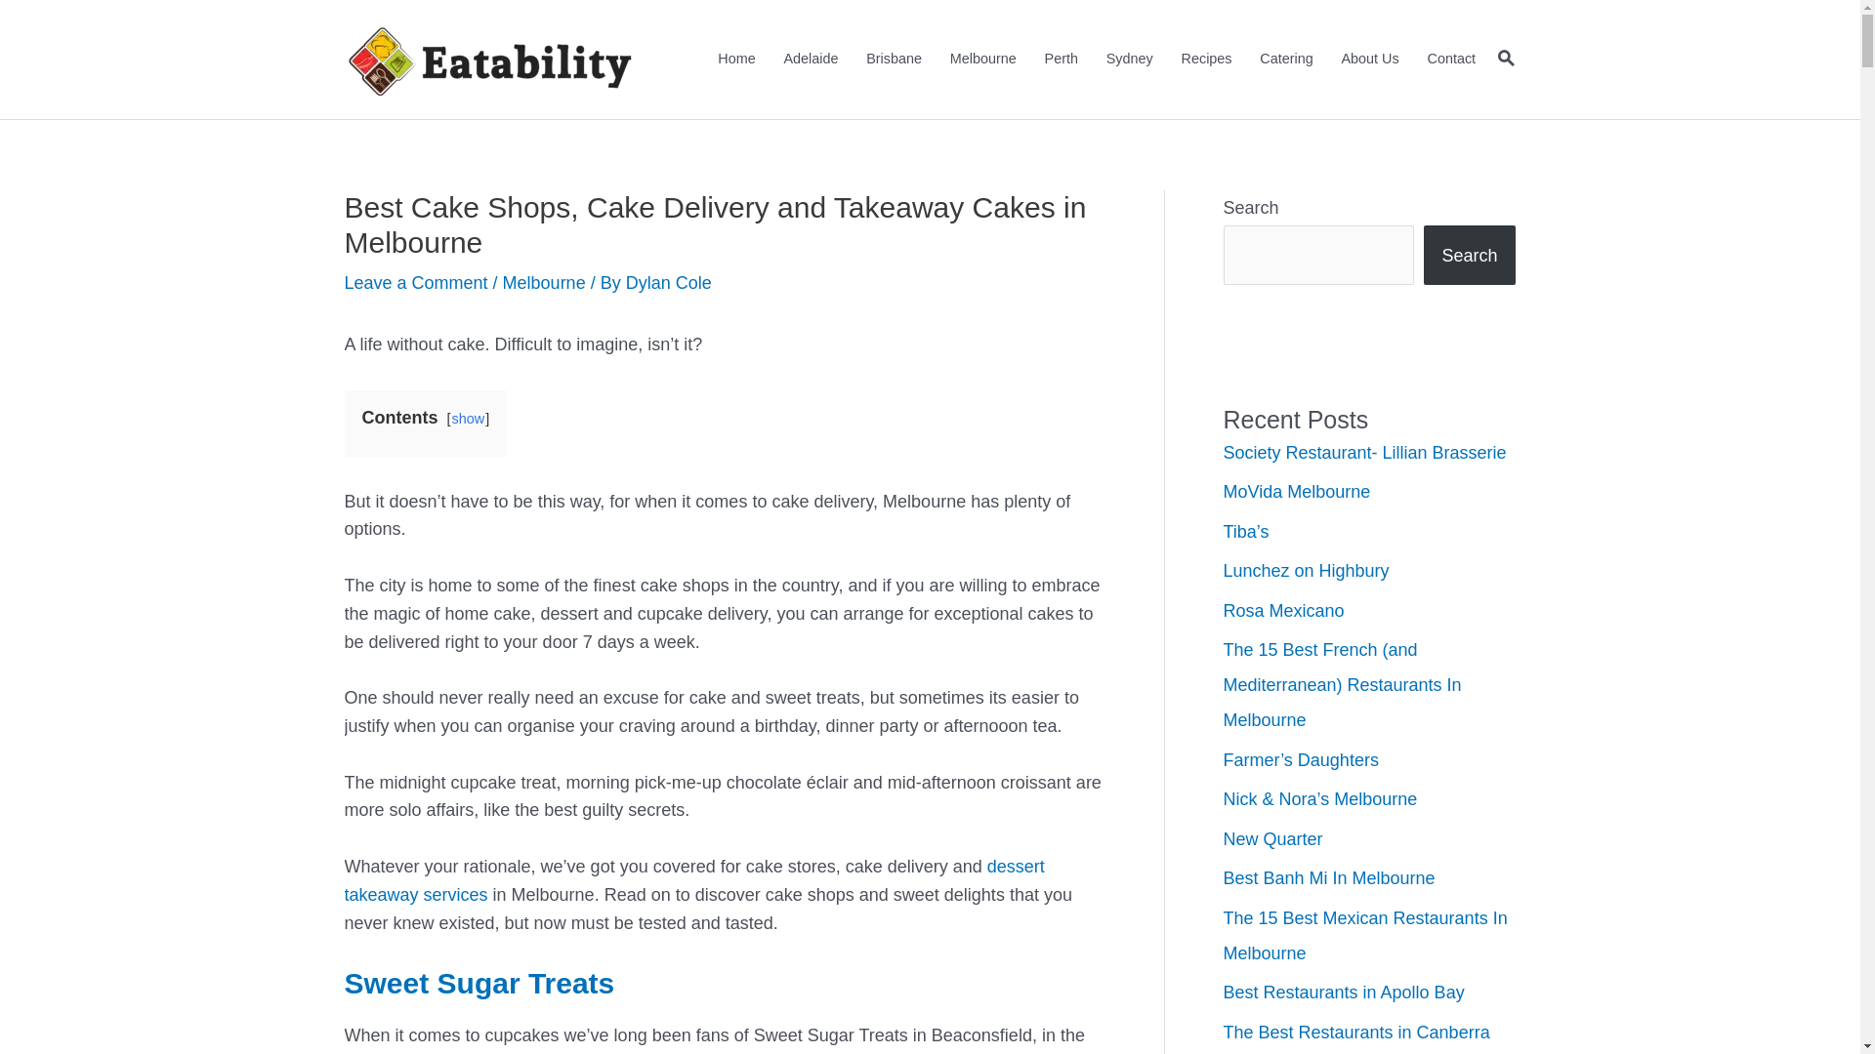 The width and height of the screenshot is (1875, 1054). Describe the element at coordinates (1328, 876) in the screenshot. I see `'Best Banh Mi In Melbourne'` at that location.